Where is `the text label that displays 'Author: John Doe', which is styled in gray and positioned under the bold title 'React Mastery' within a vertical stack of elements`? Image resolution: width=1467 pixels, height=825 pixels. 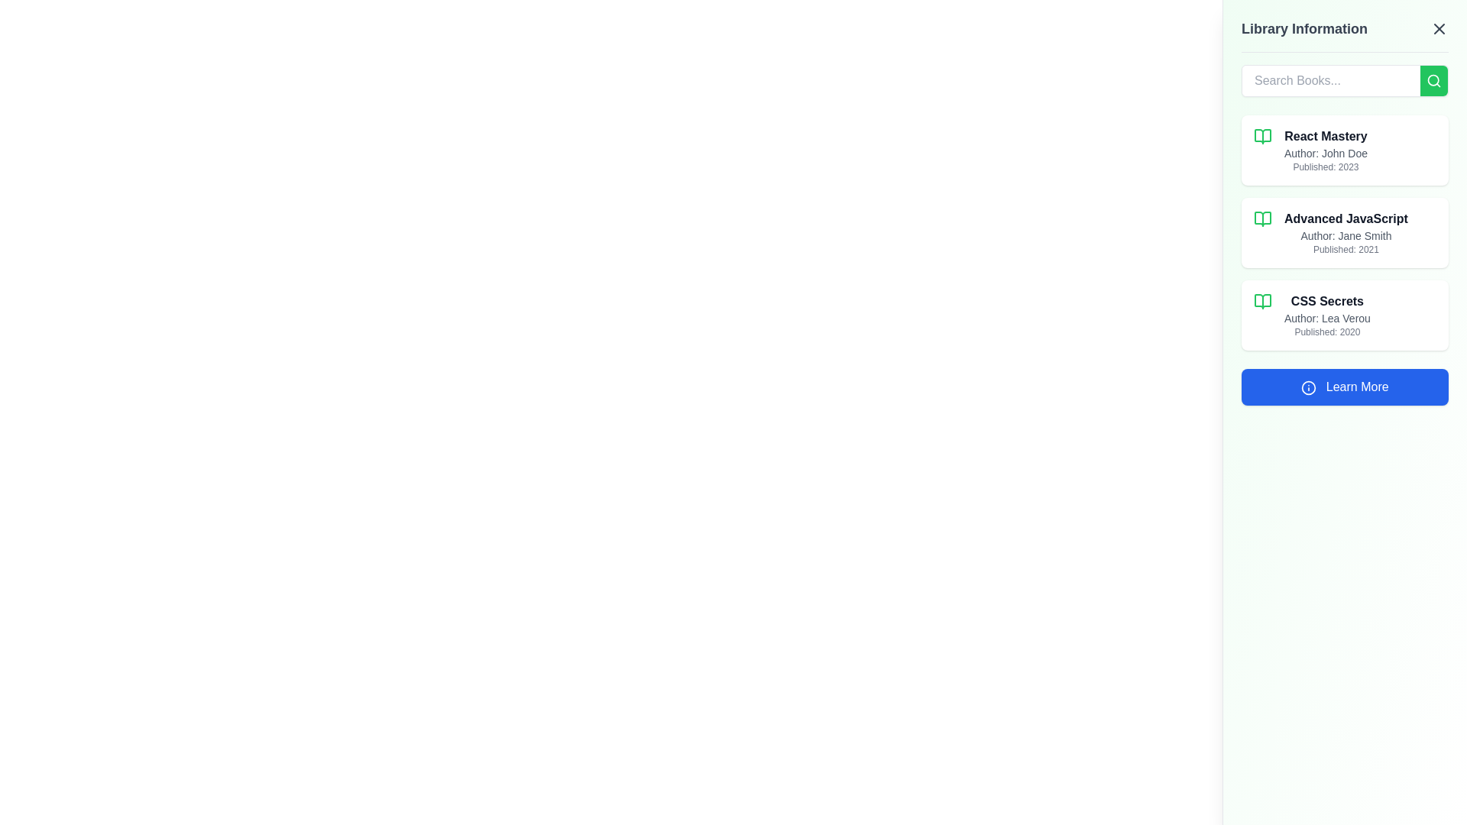
the text label that displays 'Author: John Doe', which is styled in gray and positioned under the bold title 'React Mastery' within a vertical stack of elements is located at coordinates (1325, 153).